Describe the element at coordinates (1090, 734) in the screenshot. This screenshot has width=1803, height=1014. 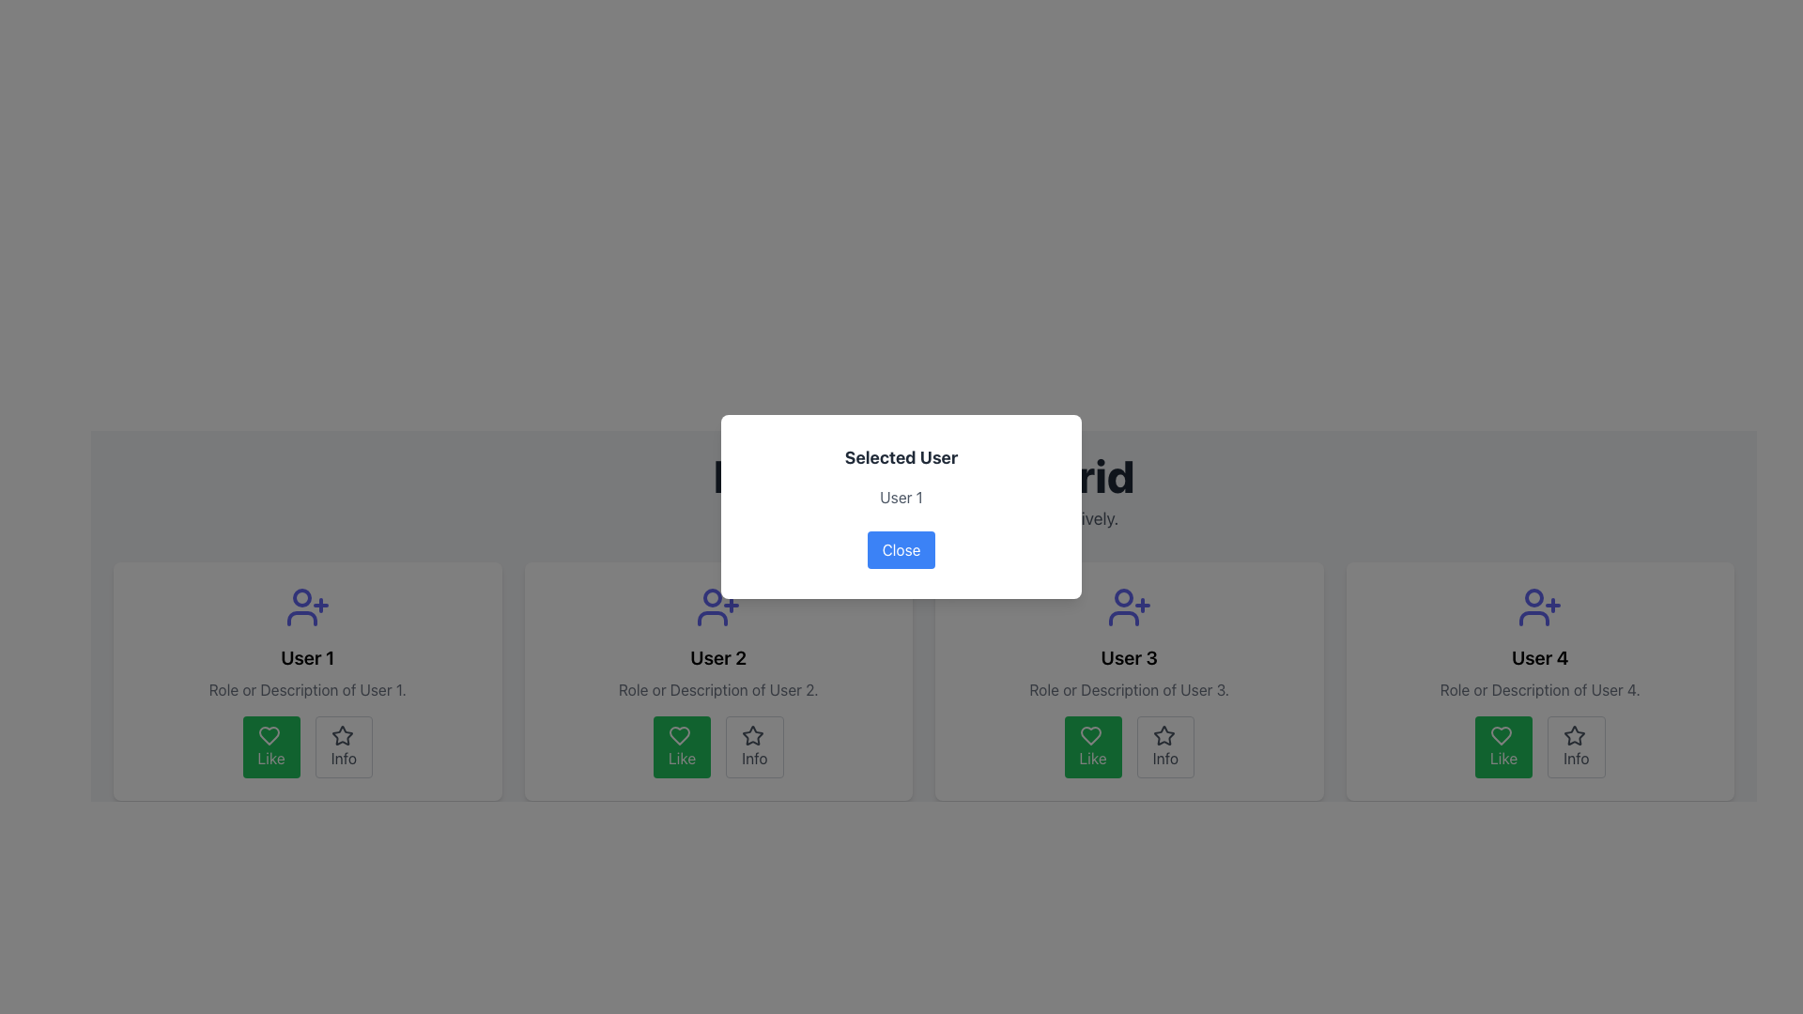
I see `the 'like' icon located within the 'User 3' card, positioned to the left of the 'Info' button` at that location.